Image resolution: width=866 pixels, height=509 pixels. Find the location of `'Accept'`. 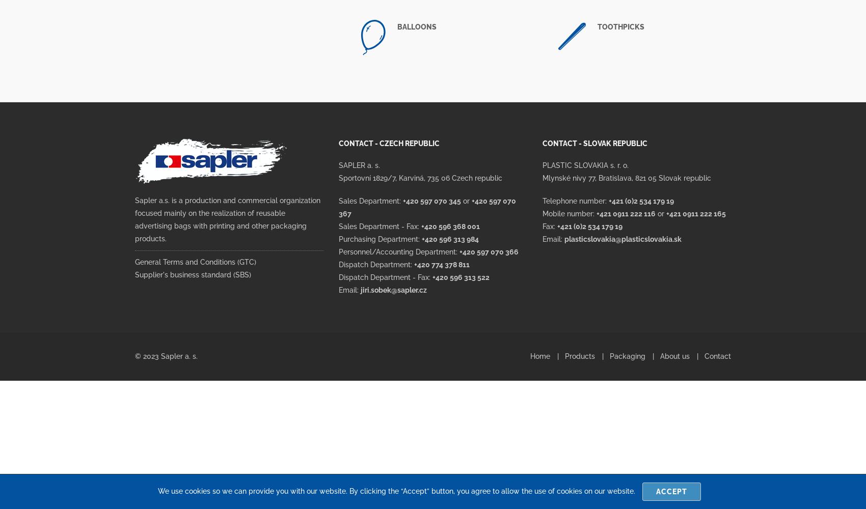

'Accept' is located at coordinates (671, 491).